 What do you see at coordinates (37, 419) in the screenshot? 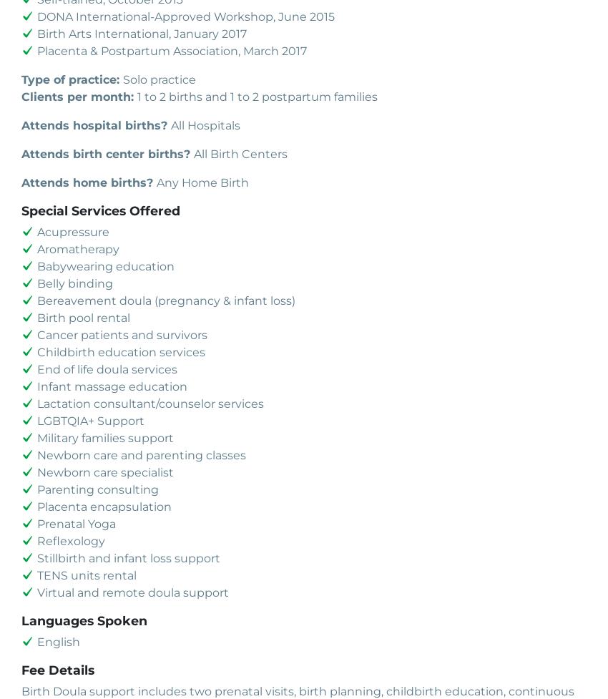
I see `'LGBTQIA+ Support'` at bounding box center [37, 419].